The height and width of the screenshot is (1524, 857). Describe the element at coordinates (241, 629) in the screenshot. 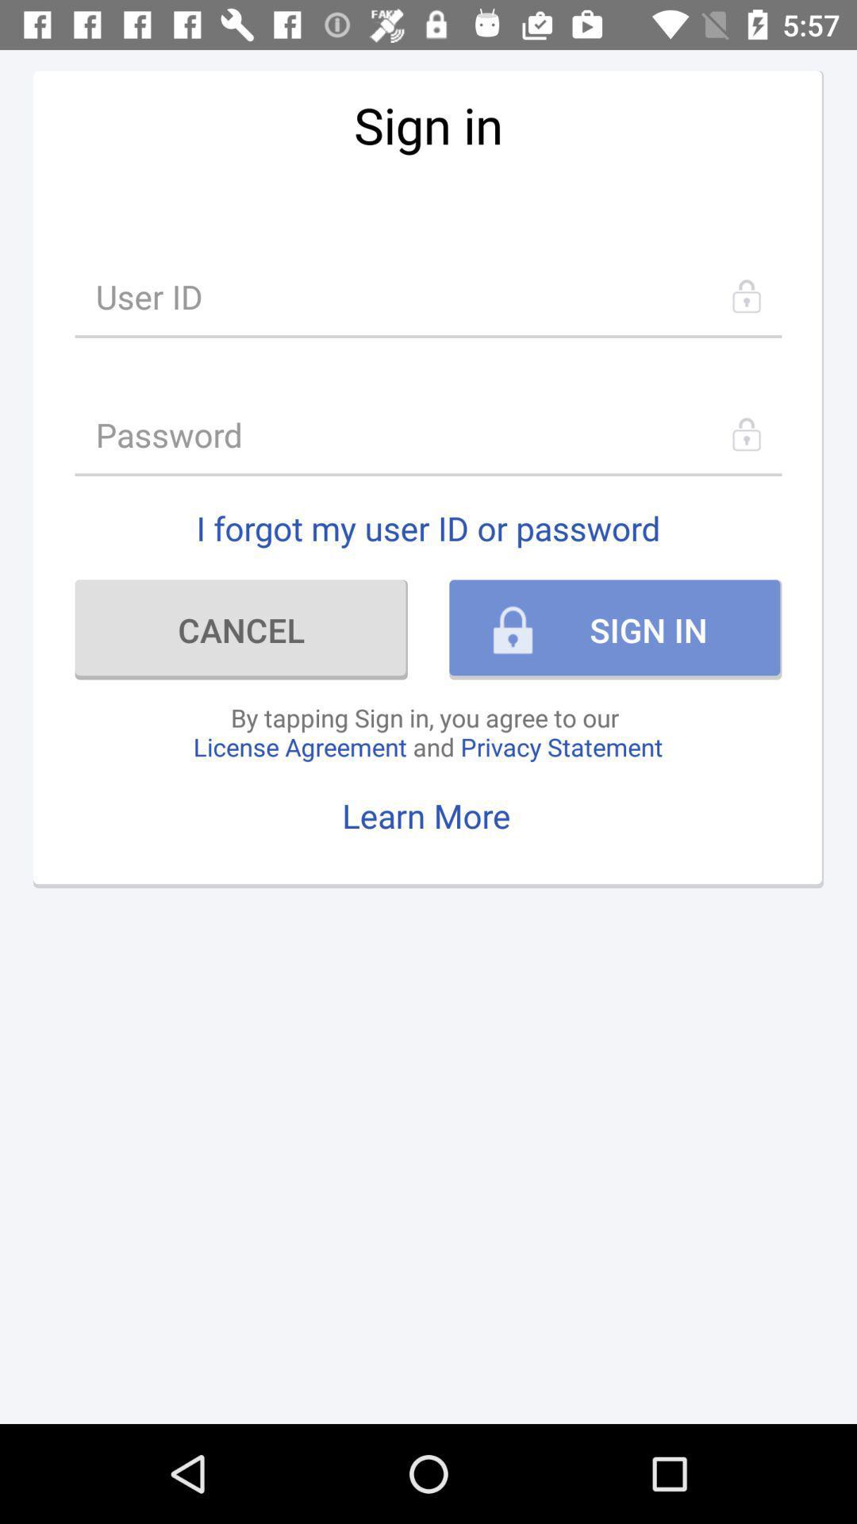

I see `the cancel icon` at that location.